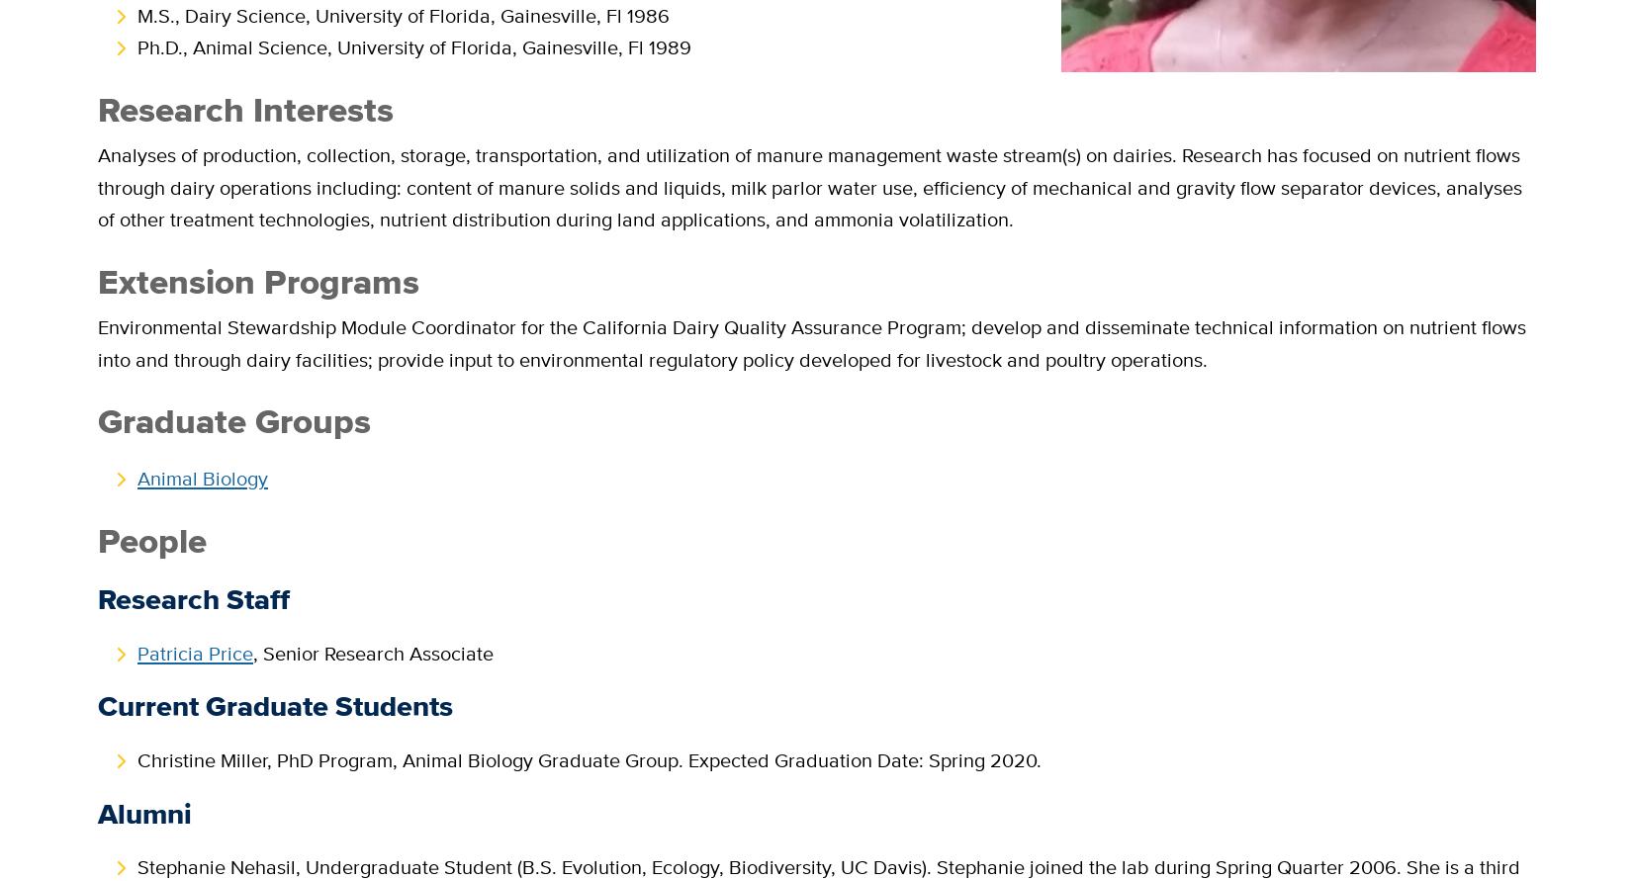  I want to click on 'Analyses of production, collection, storage, transportation, and utilization of manure management waste stream(s) on dairies. Research has focused on nutrient flows through dairy operations including: content of manure solids and liquids, milk parlor water use, efficiency of mechanical and gravity flow separator devices, analyses of other treatment technologies, nutrient distribution during land applications, and ammonia volatilization.', so click(810, 186).